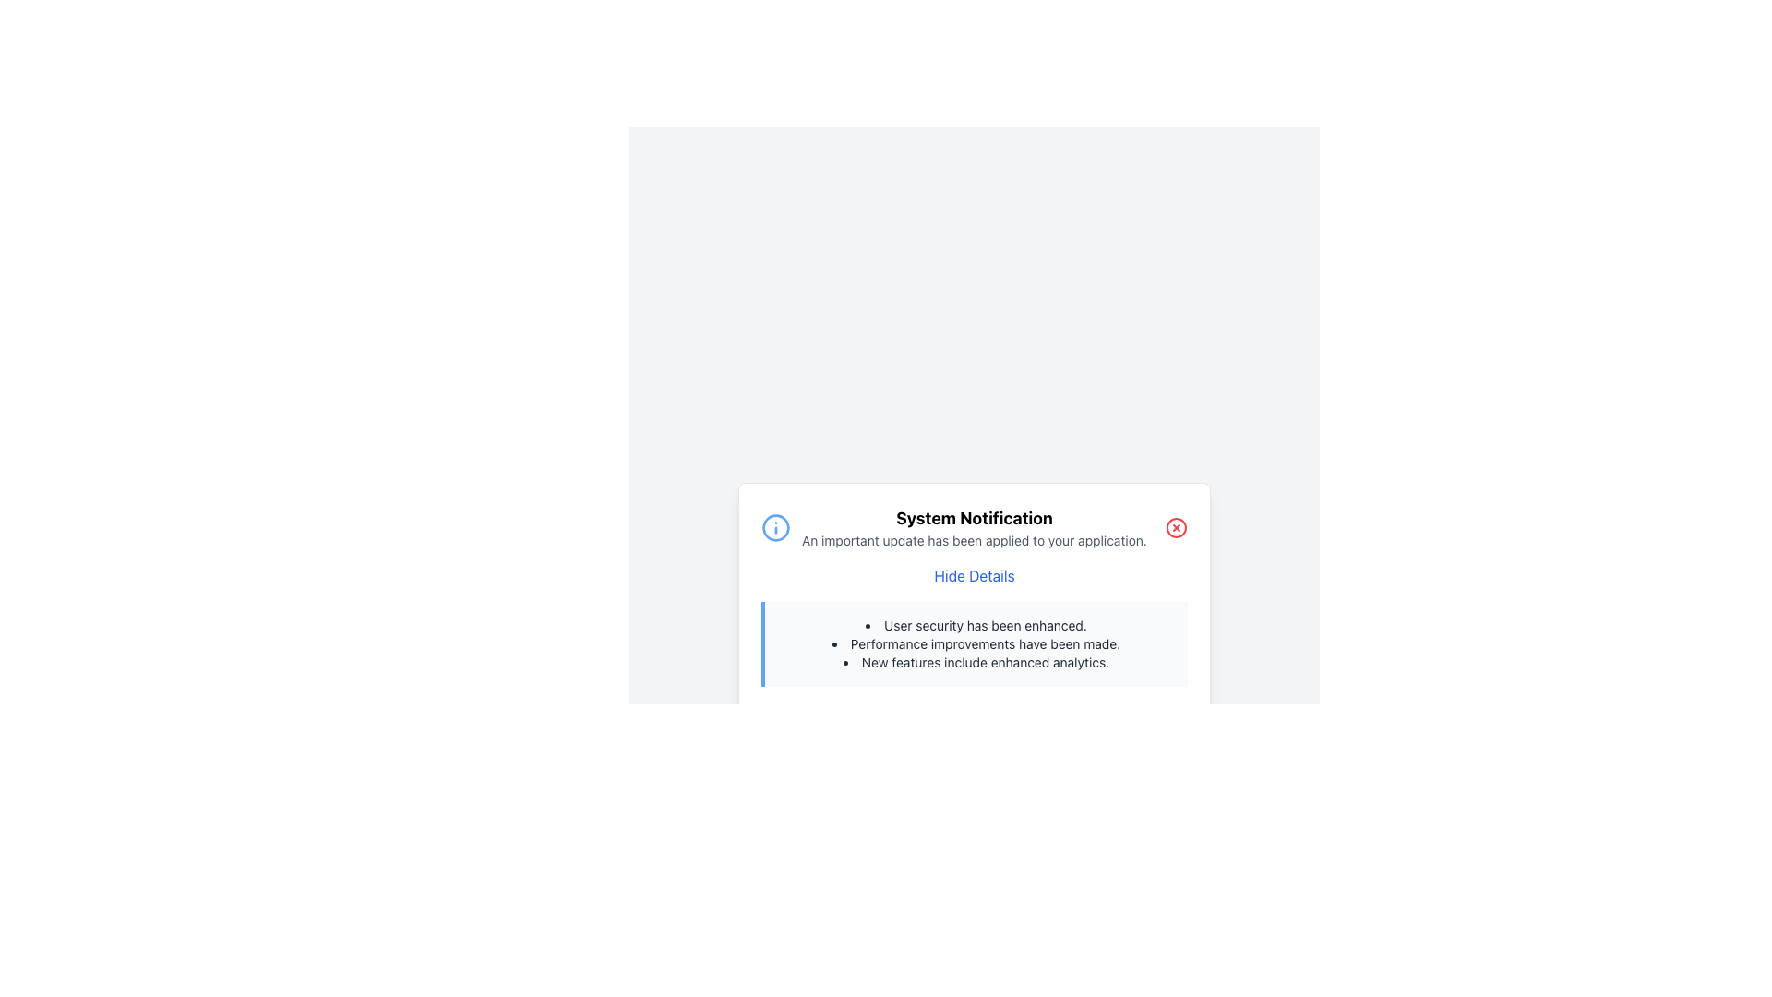  What do you see at coordinates (974, 527) in the screenshot?
I see `the Notification bar located at the top of the modal dialog box, which serves as a notification header providing important information and accessibility to dismiss notifications via the close icon` at bounding box center [974, 527].